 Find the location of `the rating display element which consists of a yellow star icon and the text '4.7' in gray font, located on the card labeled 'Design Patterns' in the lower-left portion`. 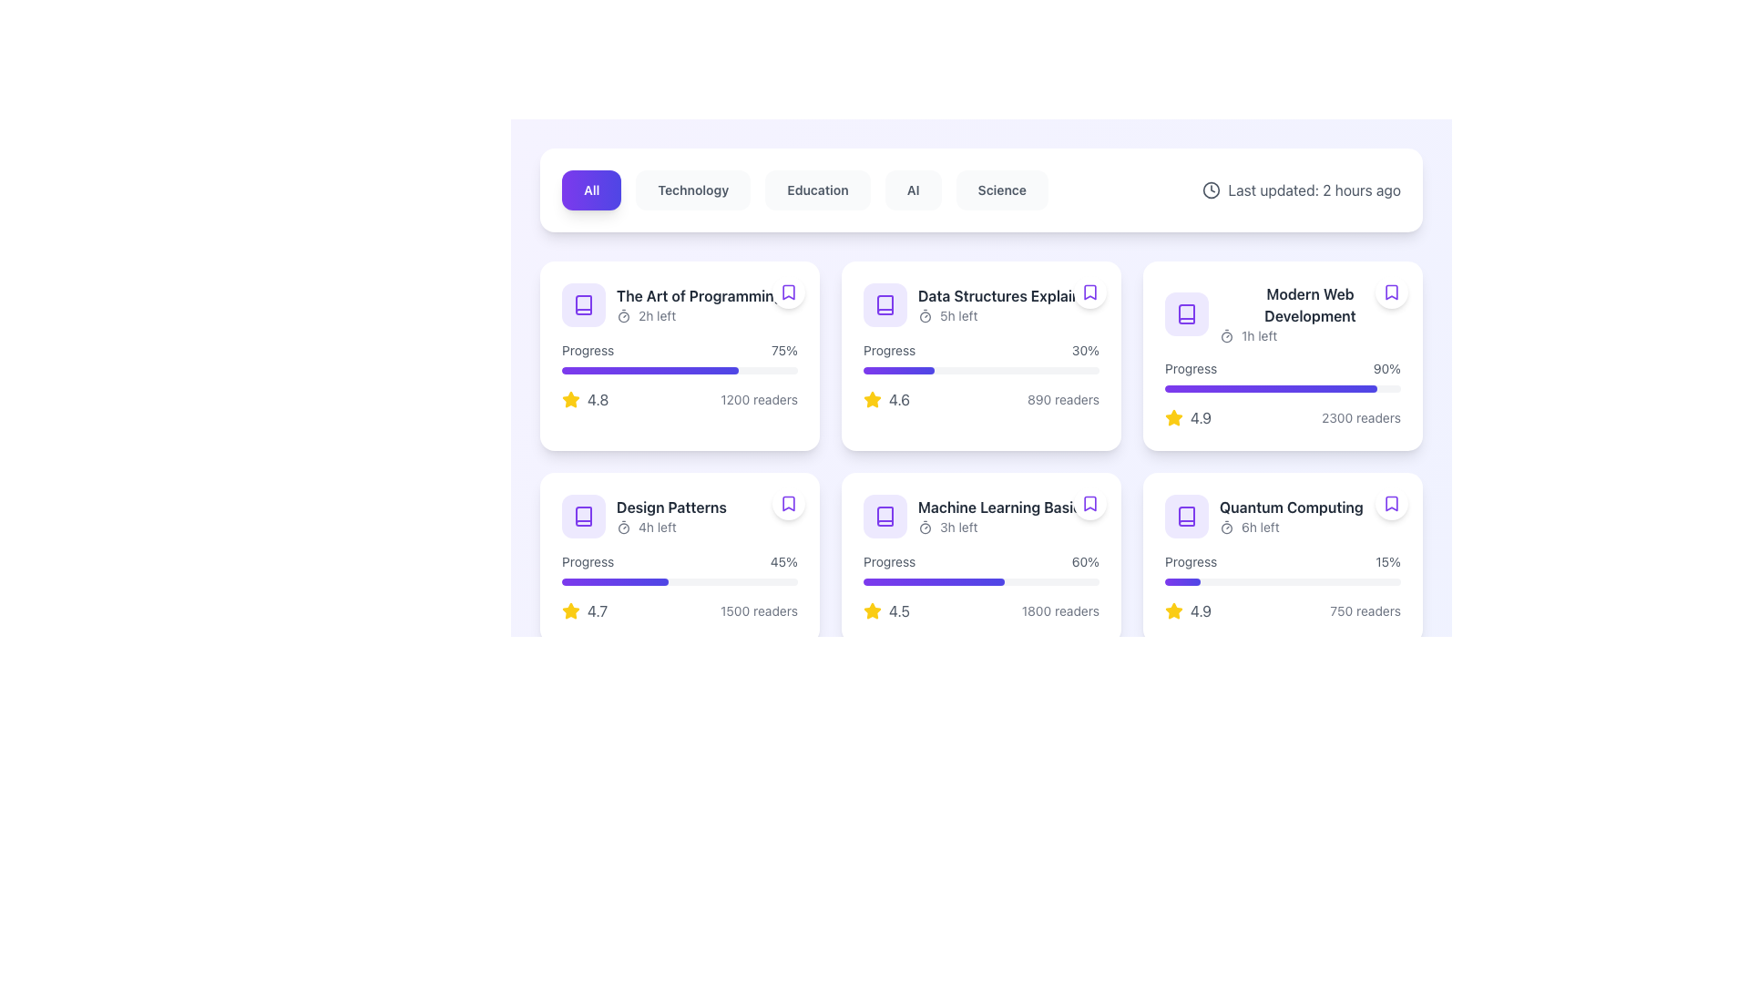

the rating display element which consists of a yellow star icon and the text '4.7' in gray font, located on the card labeled 'Design Patterns' in the lower-left portion is located at coordinates (585, 611).